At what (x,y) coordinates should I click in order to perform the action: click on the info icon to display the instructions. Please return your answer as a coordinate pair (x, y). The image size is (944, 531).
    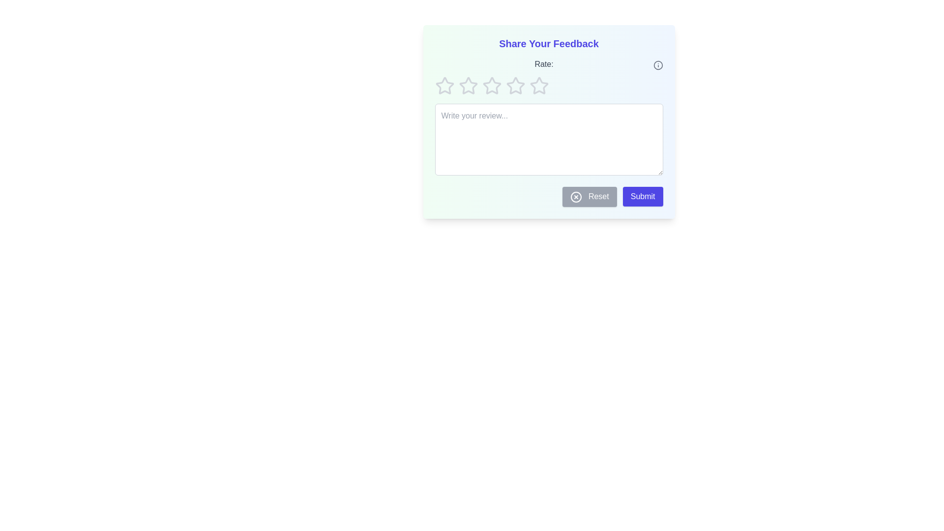
    Looking at the image, I should click on (658, 65).